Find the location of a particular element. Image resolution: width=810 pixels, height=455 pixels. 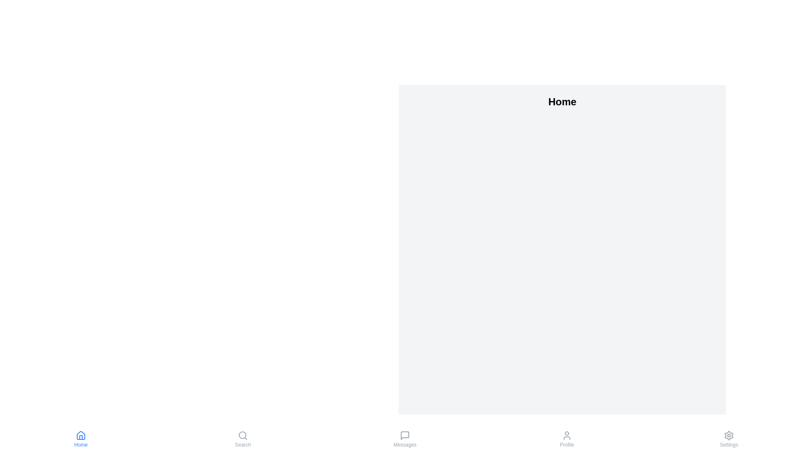

the user profile icon, which is a minimalist design featuring a circular head and semicircular shoulders, located in the center of the bottom navigation bar is located at coordinates (567, 435).